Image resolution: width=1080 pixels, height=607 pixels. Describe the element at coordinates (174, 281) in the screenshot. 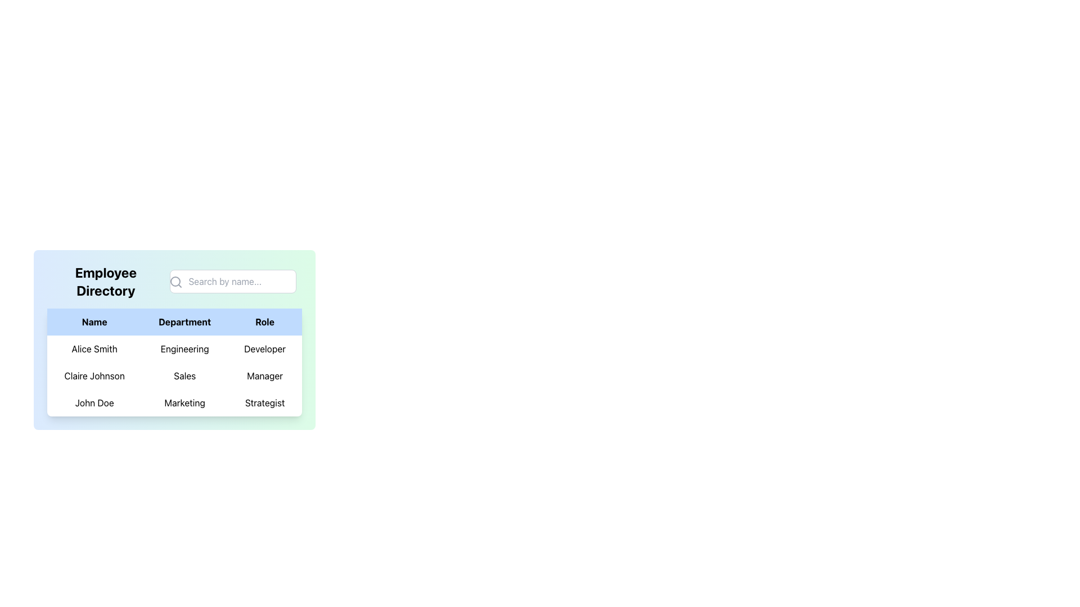

I see `the circular component of the search icon located` at that location.